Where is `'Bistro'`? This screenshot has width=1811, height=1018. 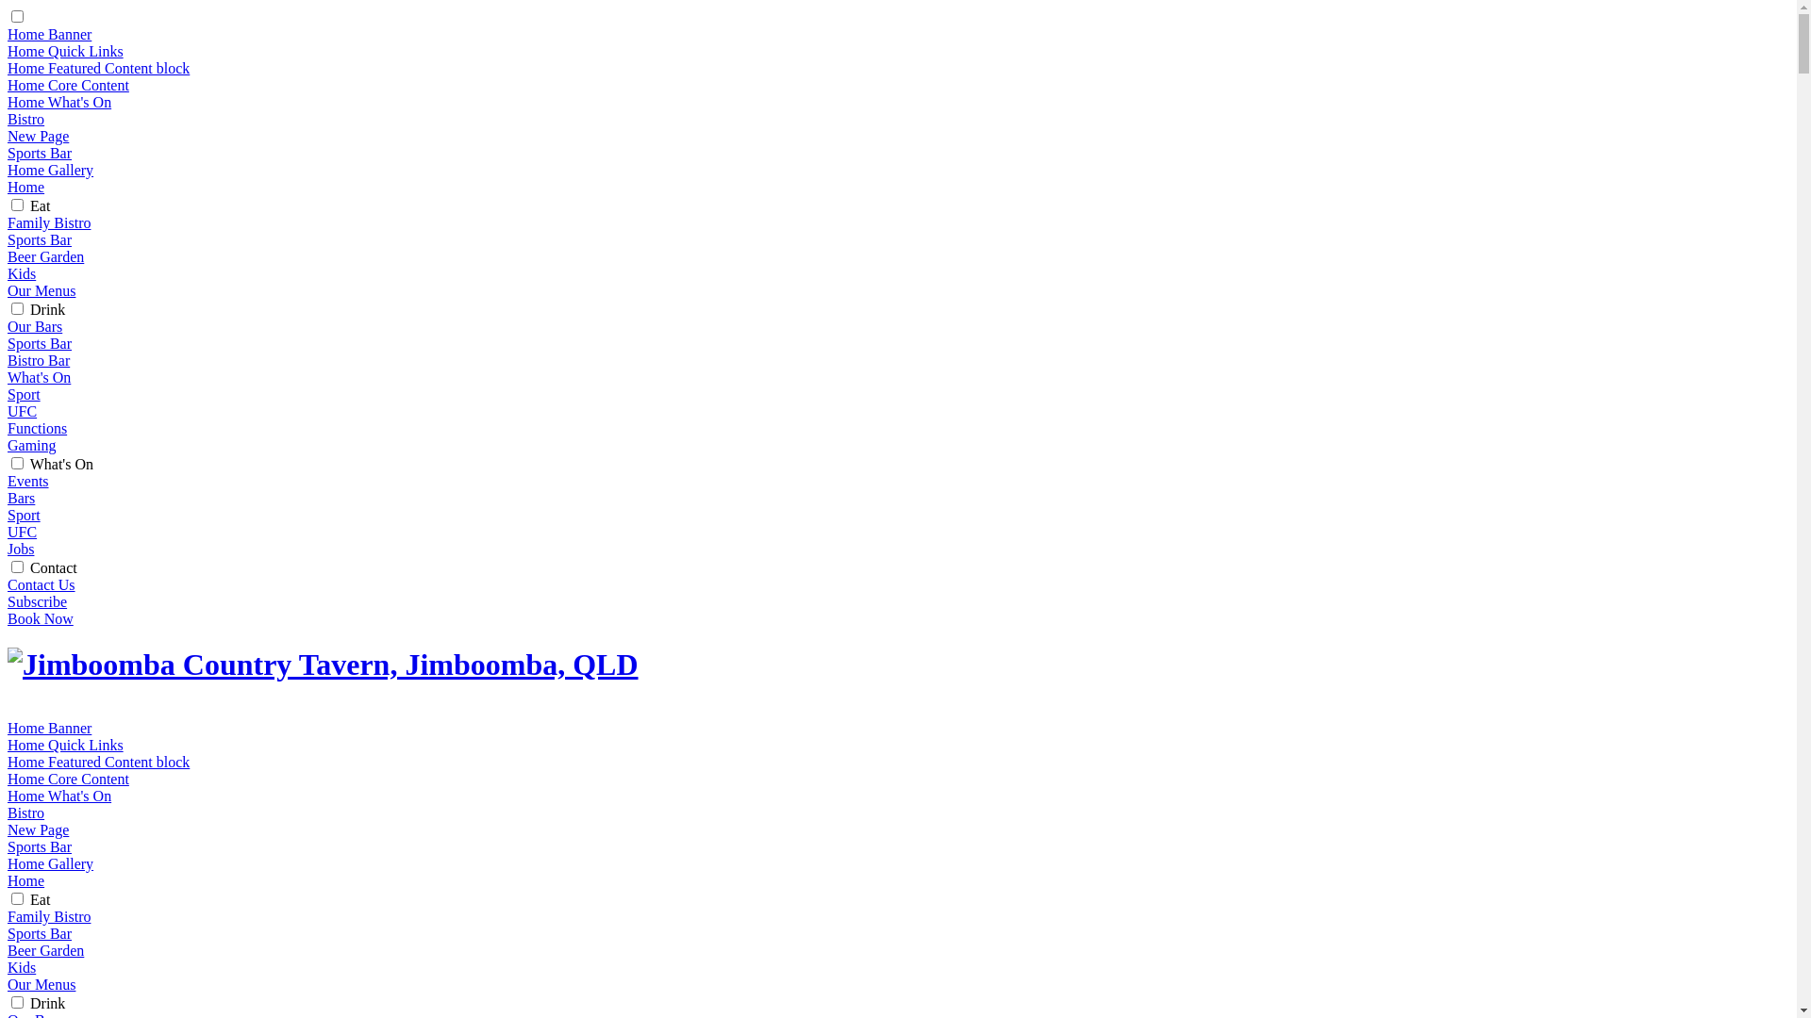 'Bistro' is located at coordinates (25, 119).